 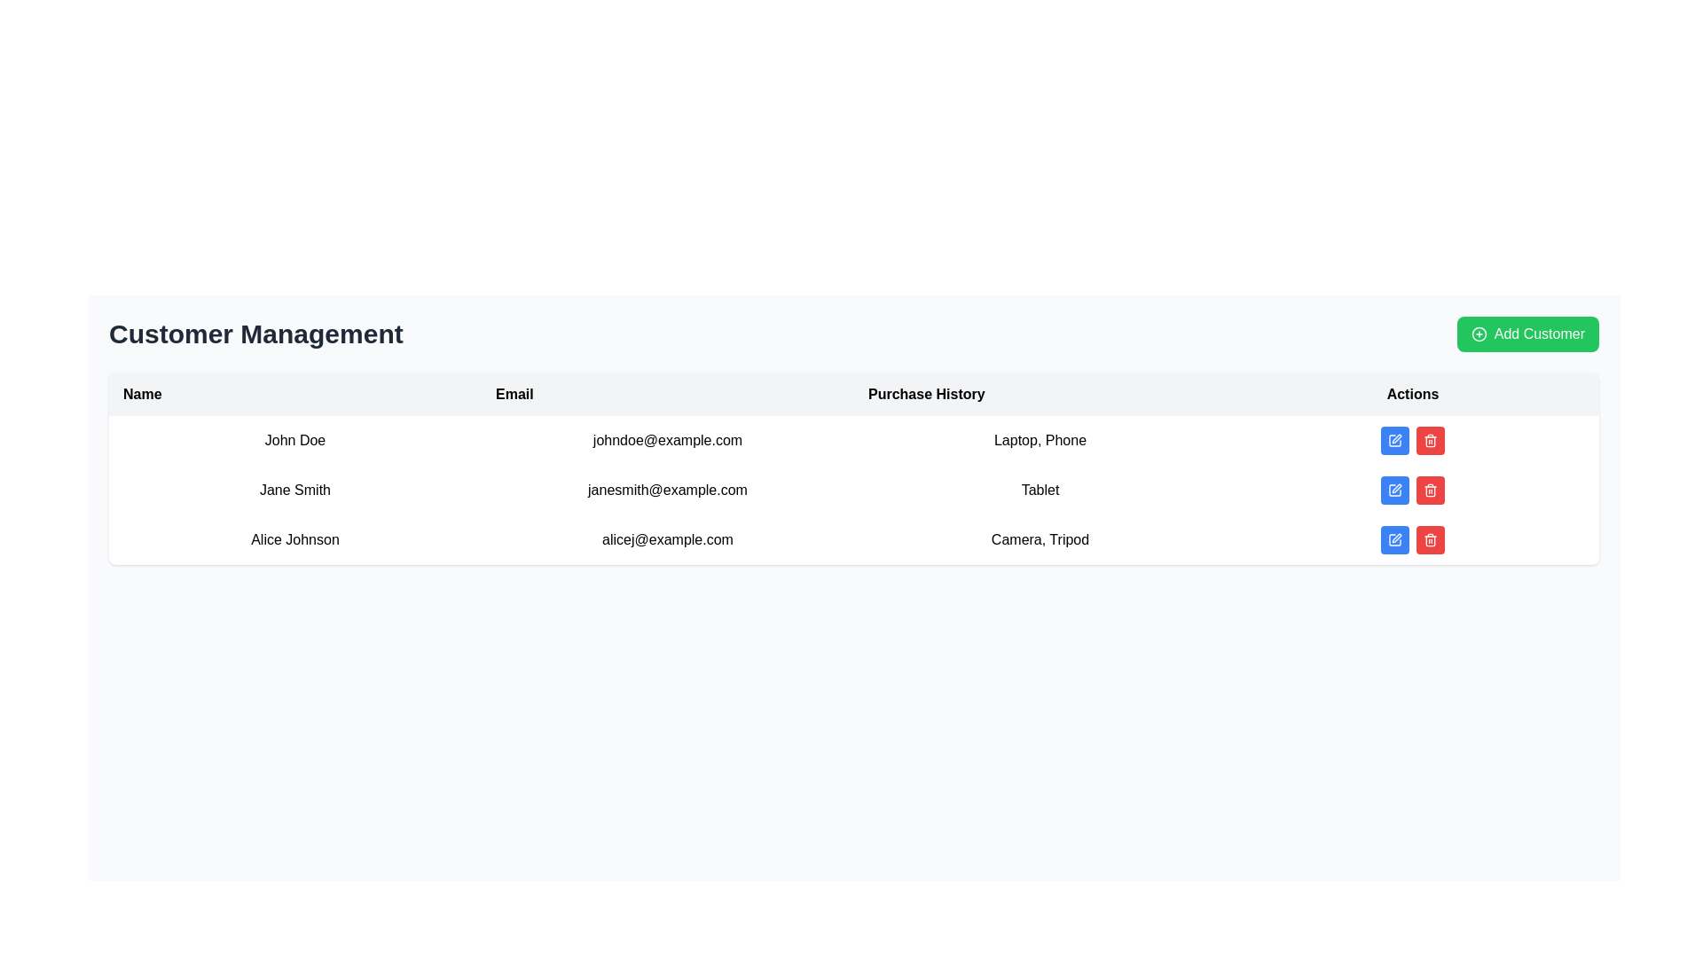 What do you see at coordinates (854, 440) in the screenshot?
I see `the first row of the table that contains customer details, specifically the row with the name 'John Doe'` at bounding box center [854, 440].